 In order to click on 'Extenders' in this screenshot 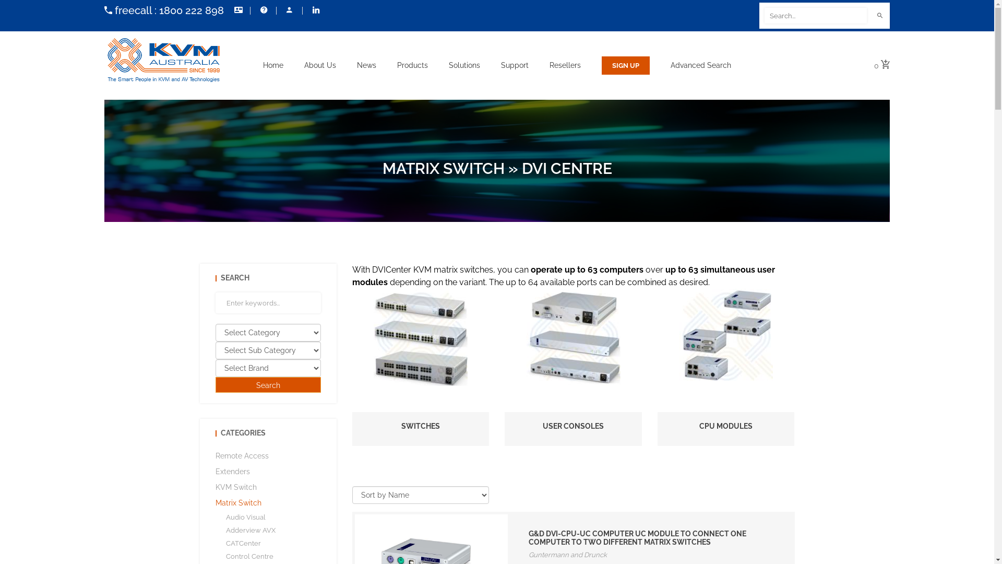, I will do `click(214, 471)`.